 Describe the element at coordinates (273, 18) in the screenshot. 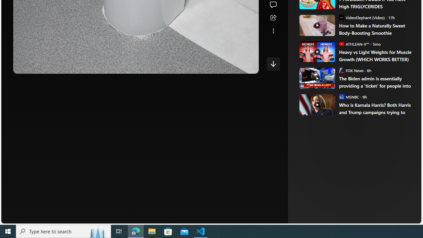

I see `'Share this story'` at that location.